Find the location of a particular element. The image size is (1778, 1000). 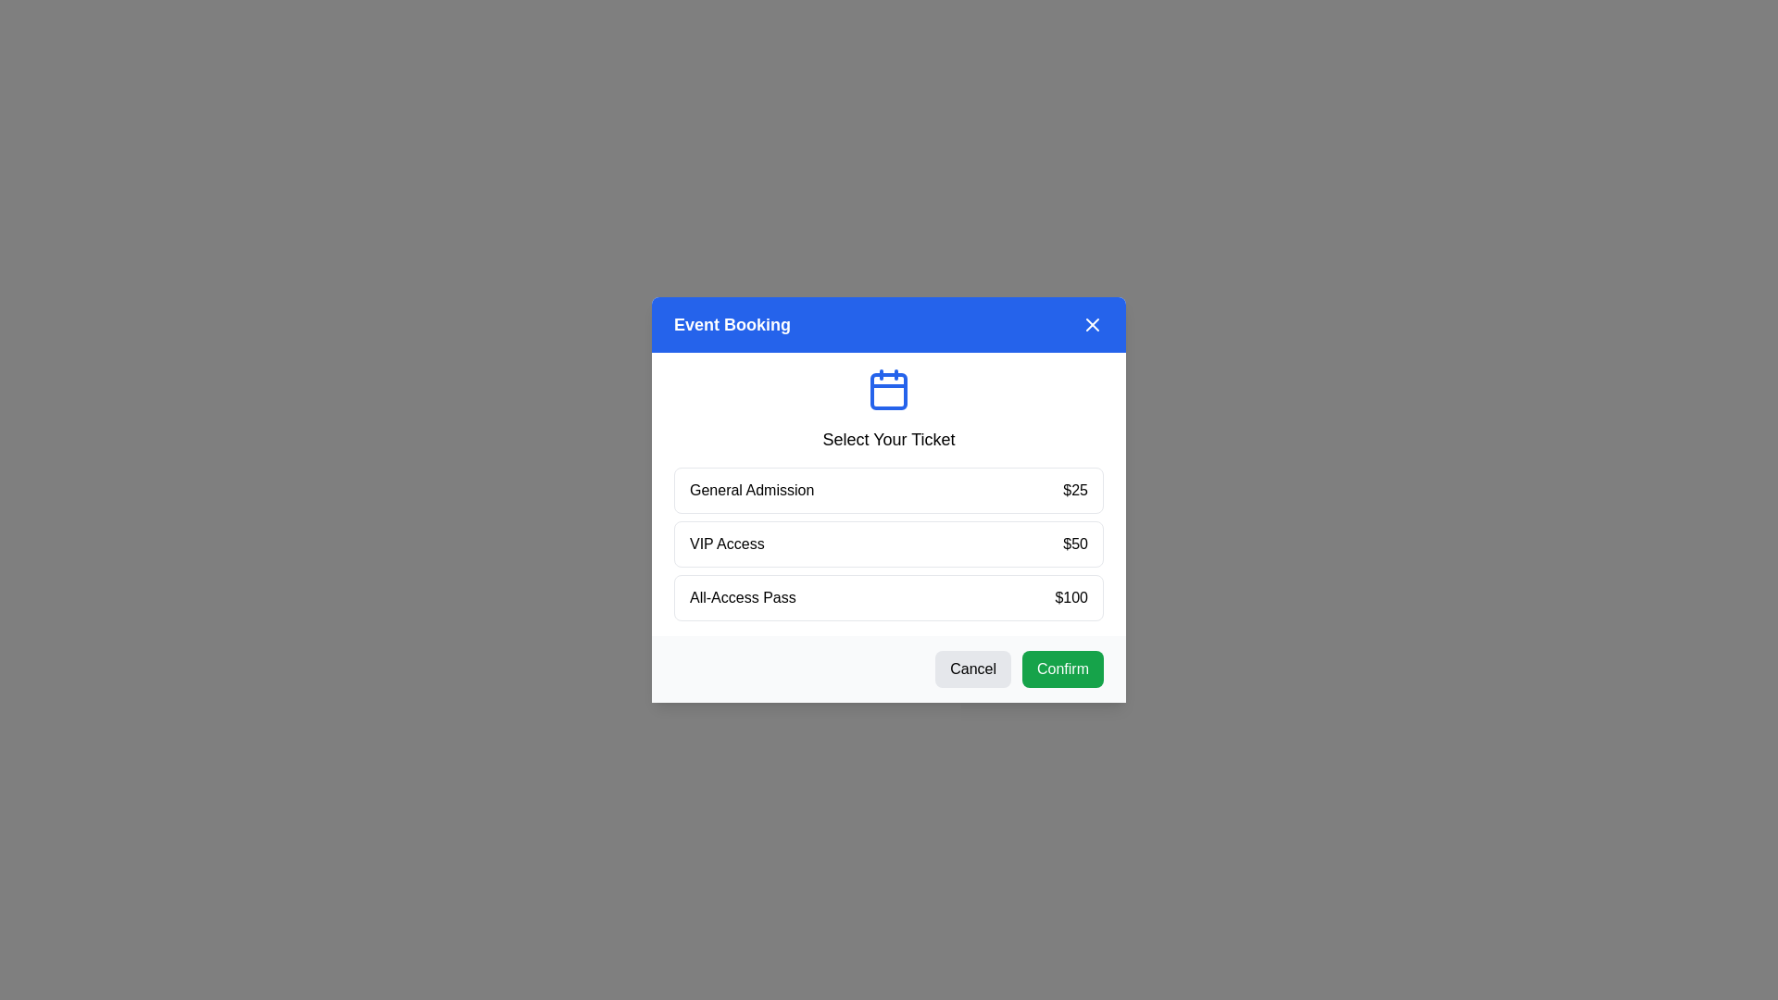

the close button with an 'X' icon located at the top-right corner of the blue banner bar that contains the text 'Event Booking' to trigger a tooltip or visual effect is located at coordinates (1093, 324).